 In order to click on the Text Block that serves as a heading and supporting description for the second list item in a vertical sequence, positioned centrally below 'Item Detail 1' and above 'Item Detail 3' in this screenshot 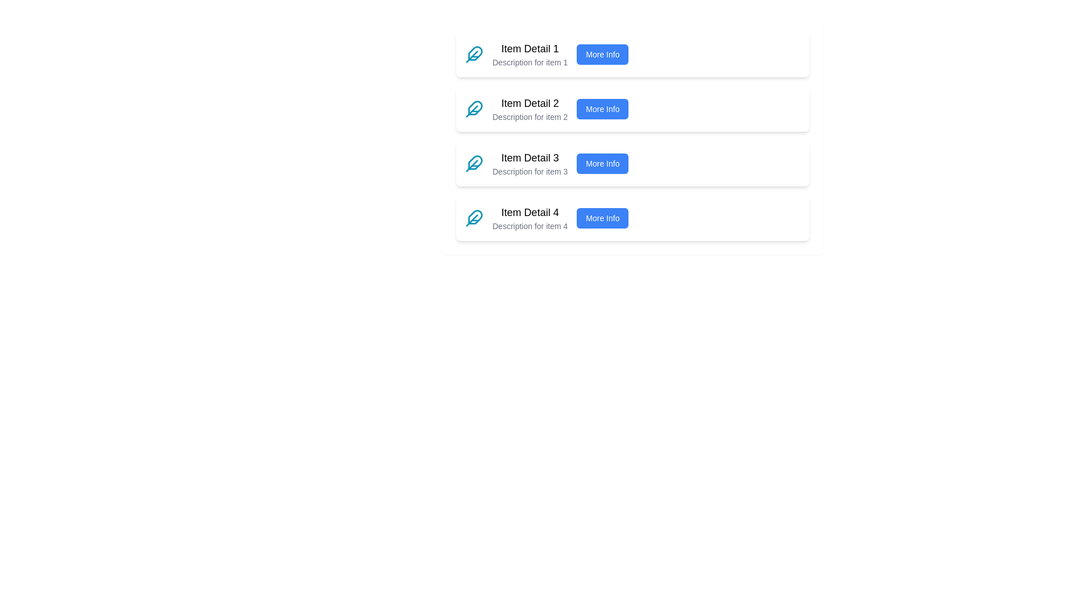, I will do `click(530, 109)`.